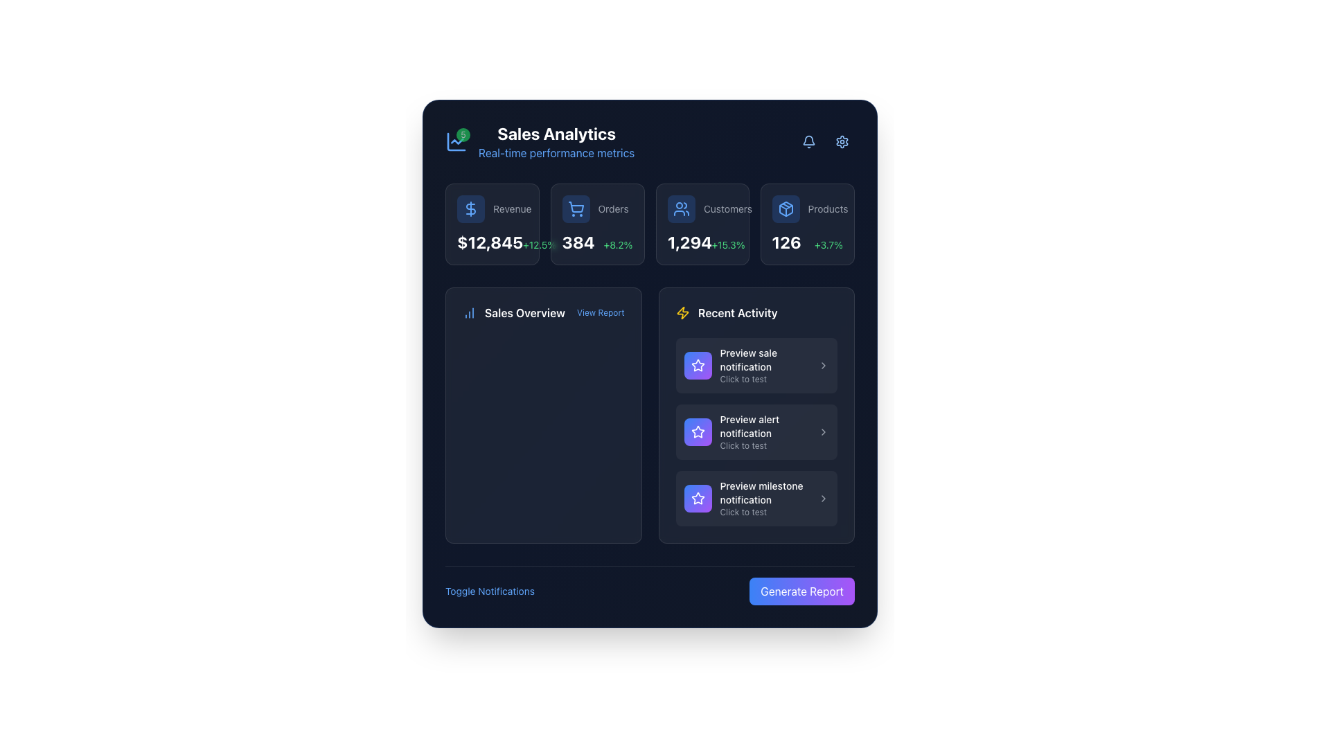 The width and height of the screenshot is (1330, 748). Describe the element at coordinates (825, 141) in the screenshot. I see `the group of interactive buttons with icons in the top-right corner of the 'Sales Analytics' card` at that location.